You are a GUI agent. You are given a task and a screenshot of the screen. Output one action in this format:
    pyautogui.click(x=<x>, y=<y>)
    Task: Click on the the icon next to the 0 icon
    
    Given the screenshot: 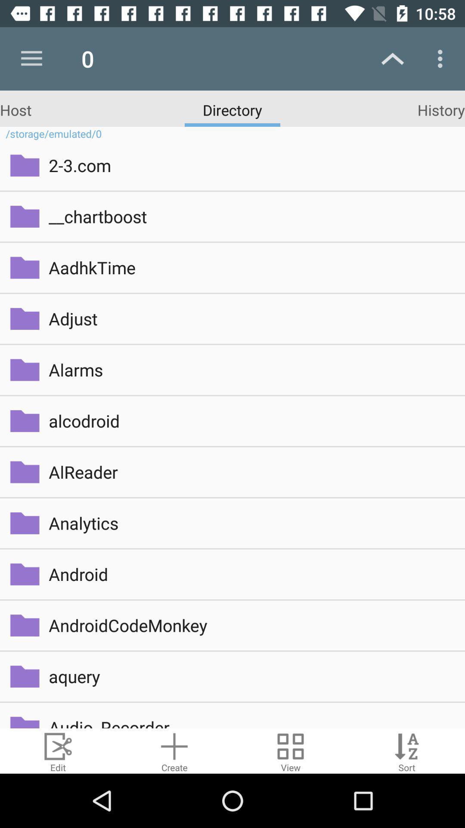 What is the action you would take?
    pyautogui.click(x=31, y=58)
    